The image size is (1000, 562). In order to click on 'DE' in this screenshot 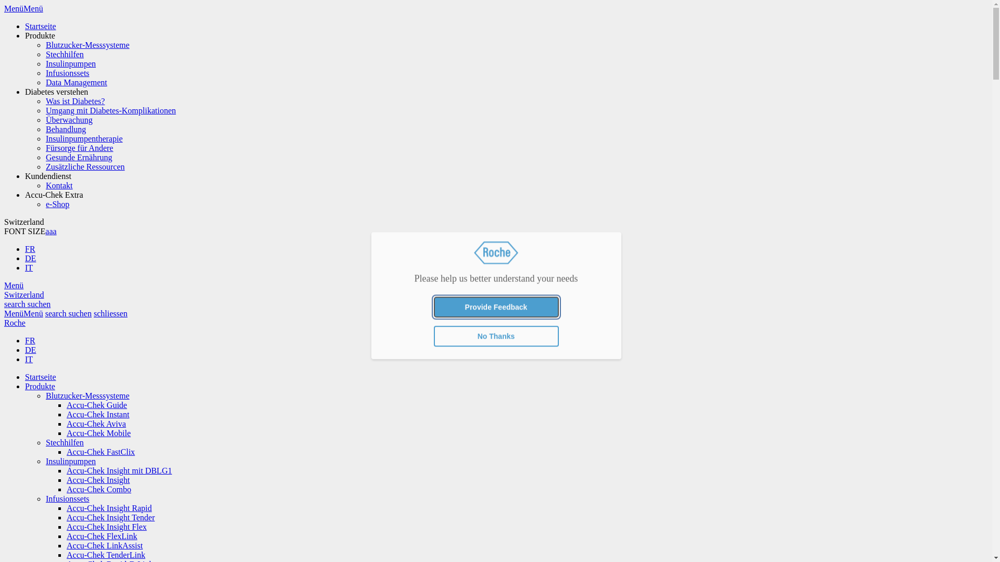, I will do `click(30, 258)`.